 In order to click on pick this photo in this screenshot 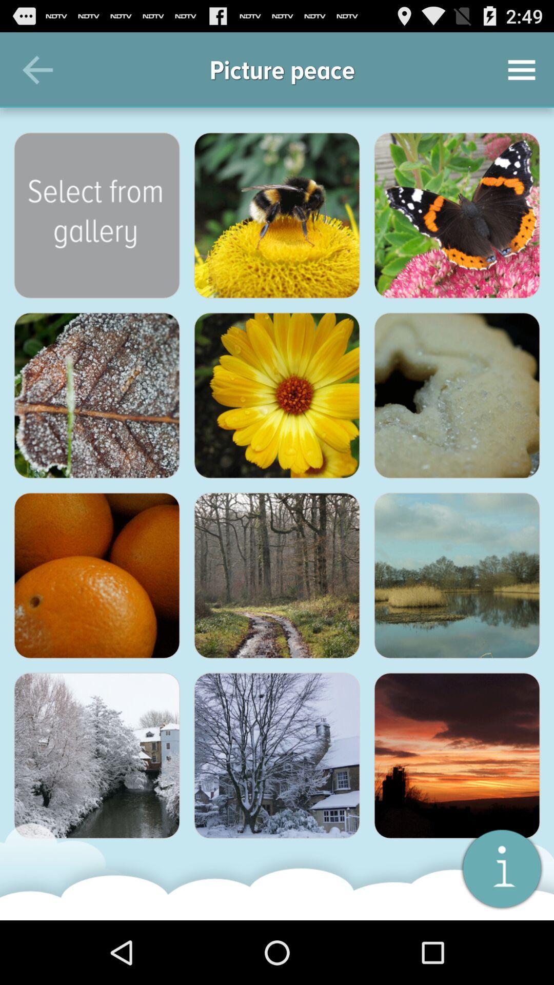, I will do `click(457, 395)`.